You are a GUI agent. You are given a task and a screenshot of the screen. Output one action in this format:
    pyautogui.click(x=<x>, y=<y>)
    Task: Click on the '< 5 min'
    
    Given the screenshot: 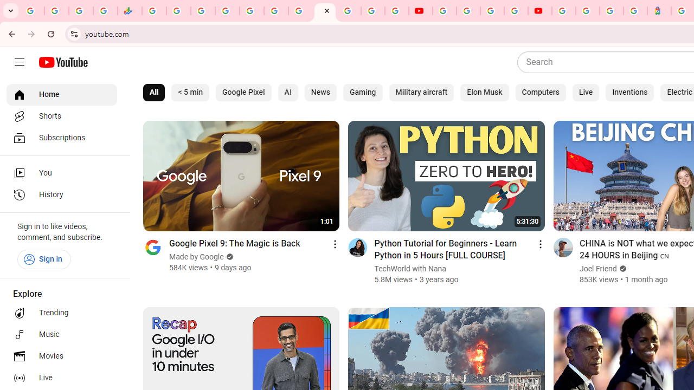 What is the action you would take?
    pyautogui.click(x=190, y=92)
    